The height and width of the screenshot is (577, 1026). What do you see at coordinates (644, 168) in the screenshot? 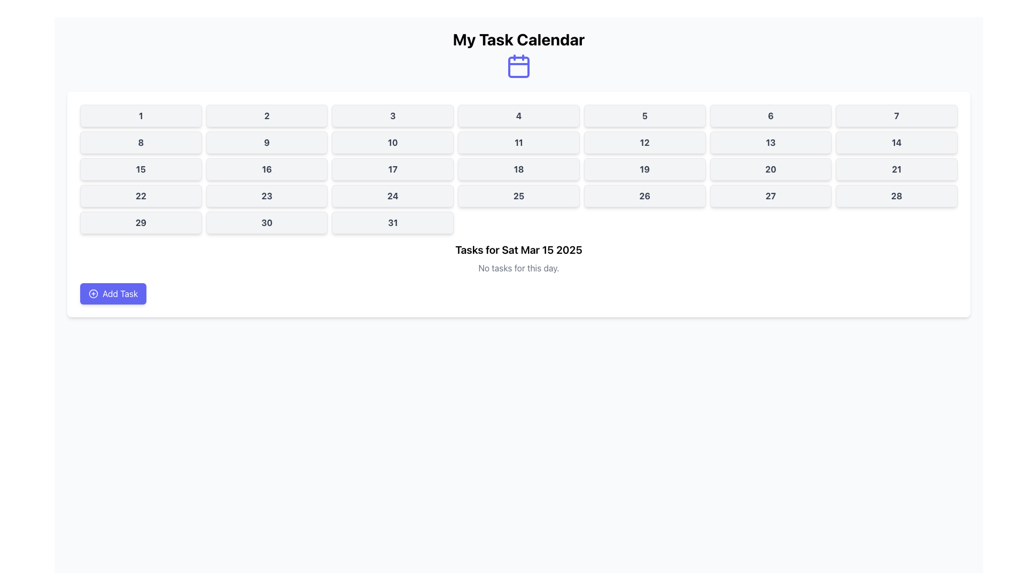
I see `the calendar day button located in the fourth row and fifth column of the calendar grid` at bounding box center [644, 168].